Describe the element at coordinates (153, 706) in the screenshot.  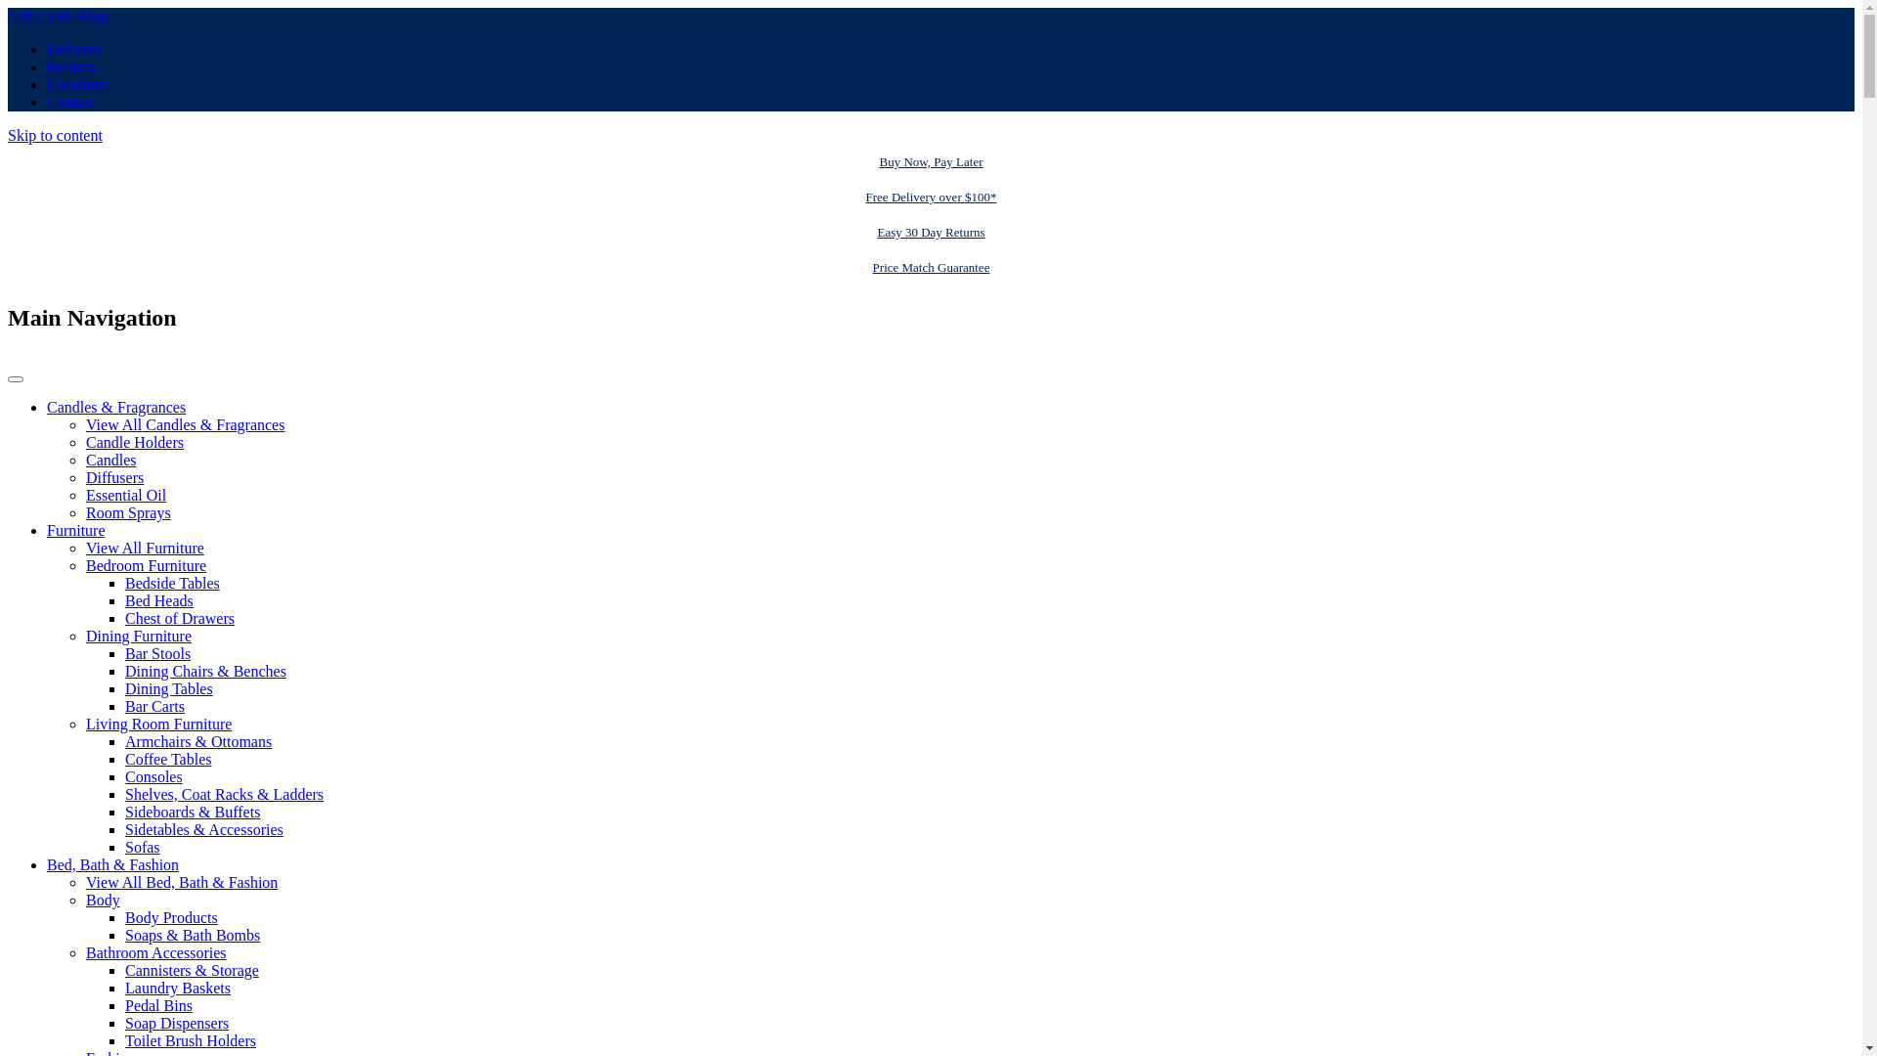
I see `'Bar Carts'` at that location.